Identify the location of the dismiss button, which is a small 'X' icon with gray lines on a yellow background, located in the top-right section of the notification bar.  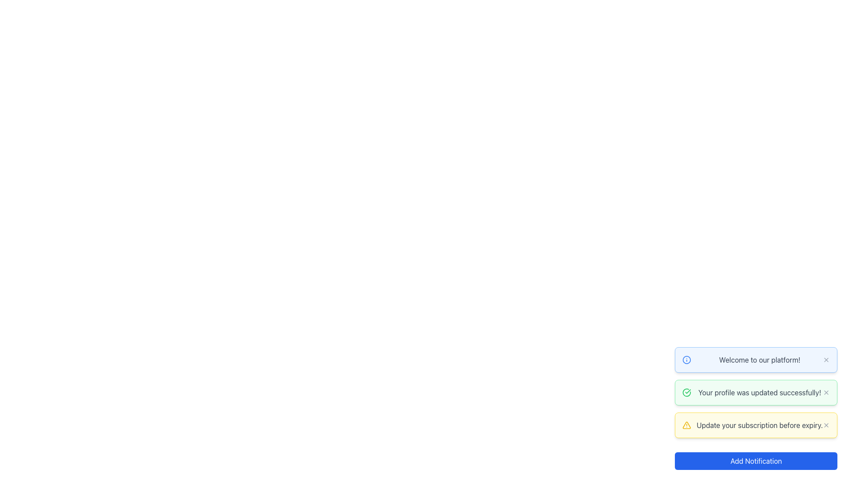
(826, 425).